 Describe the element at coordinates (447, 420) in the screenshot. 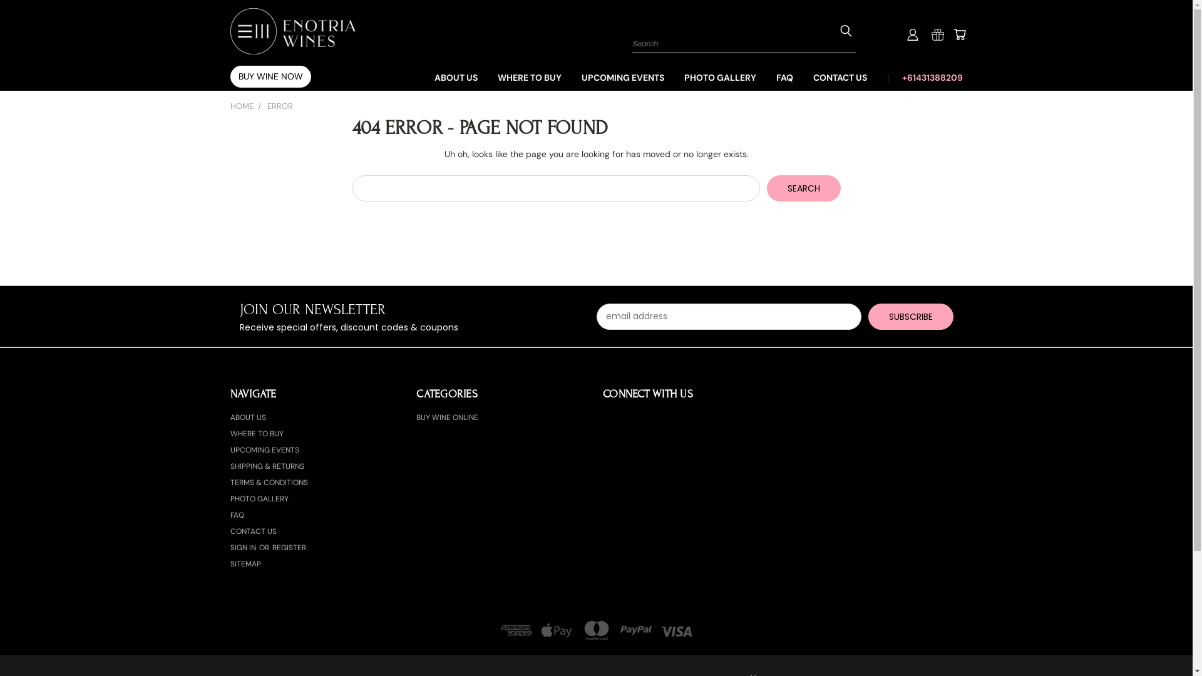

I see `'BUY WINE ONLINE'` at that location.